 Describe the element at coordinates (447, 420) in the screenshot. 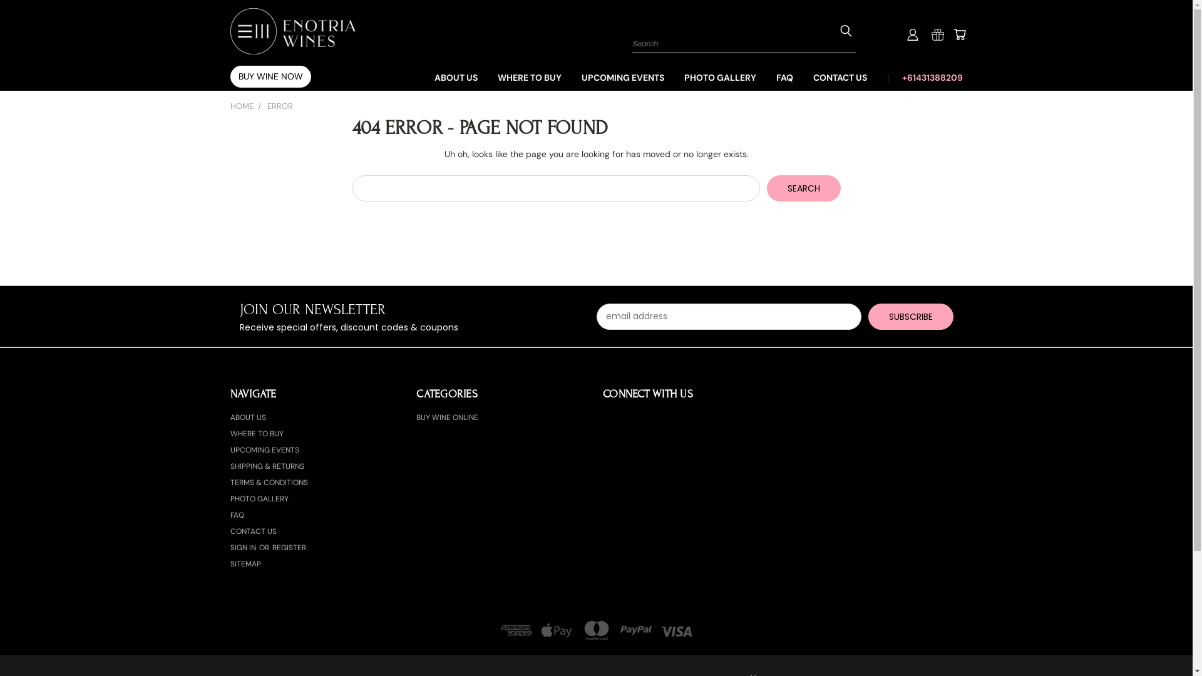

I see `'BUY WINE ONLINE'` at that location.